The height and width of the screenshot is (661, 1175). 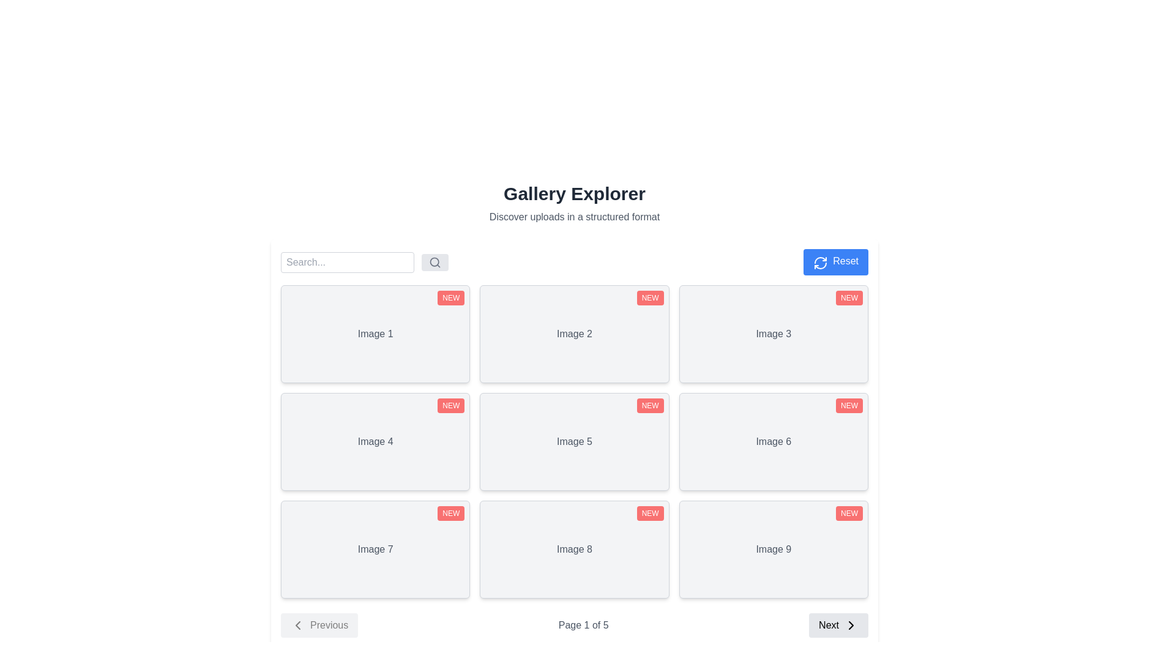 I want to click on the button located at the bottom-right corner of the pagination control panel, which is the rightmost element next to 'Page 1 of 5', so click(x=838, y=626).